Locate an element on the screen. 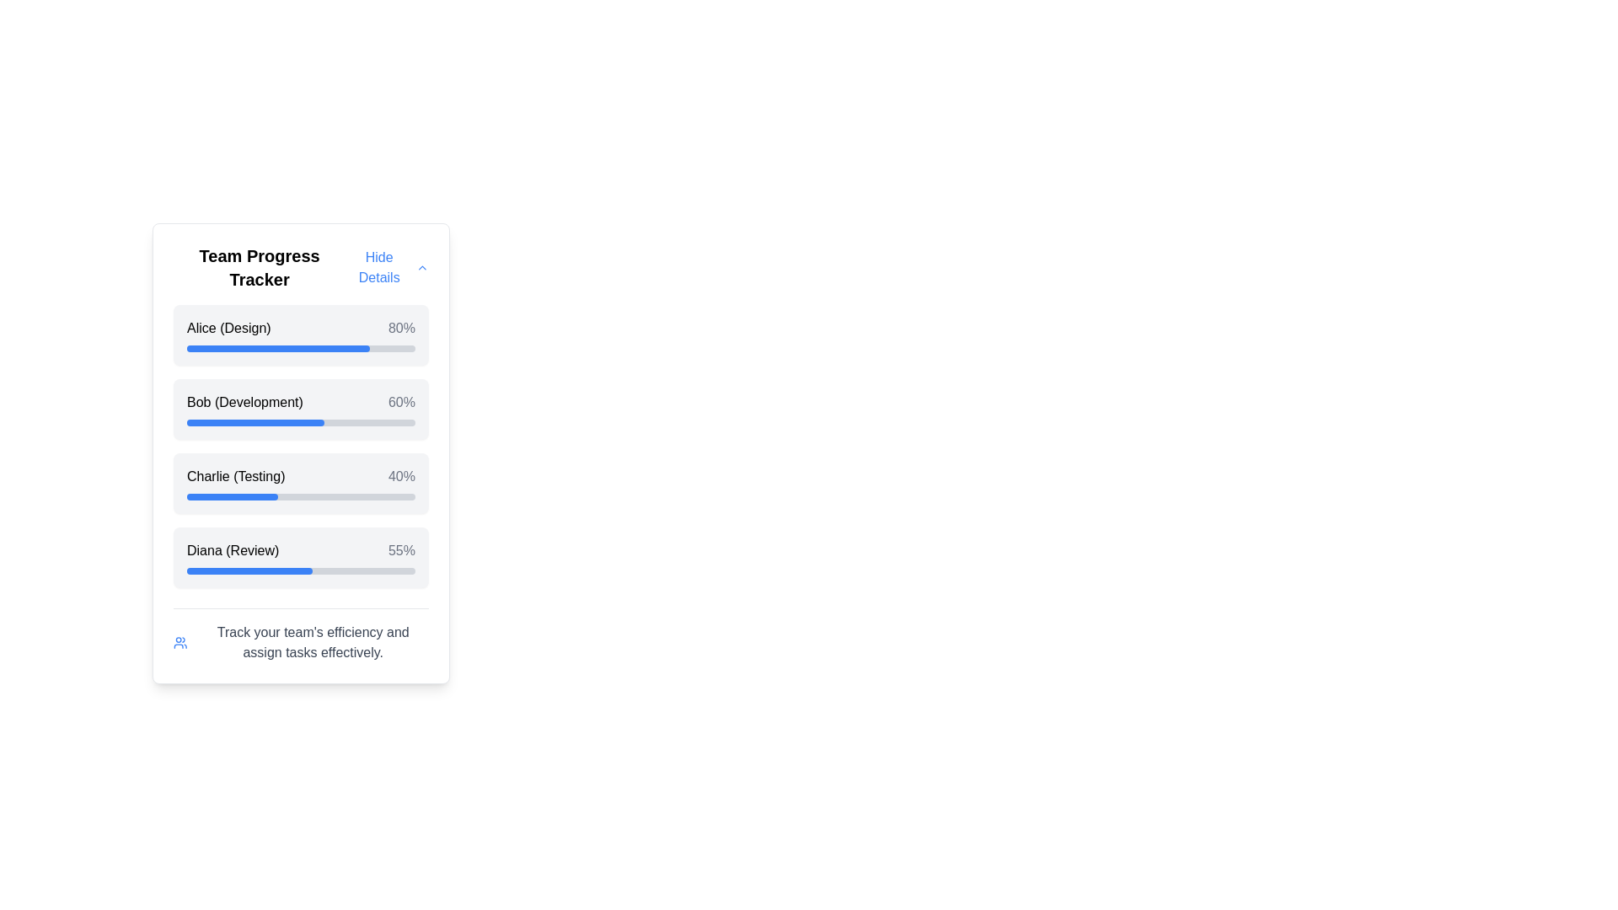  informational text block that states 'Track your team's efficiency and assign tasks effectively.' located at the bottom of the 'Team Progress Tracker' card layout is located at coordinates (301, 635).